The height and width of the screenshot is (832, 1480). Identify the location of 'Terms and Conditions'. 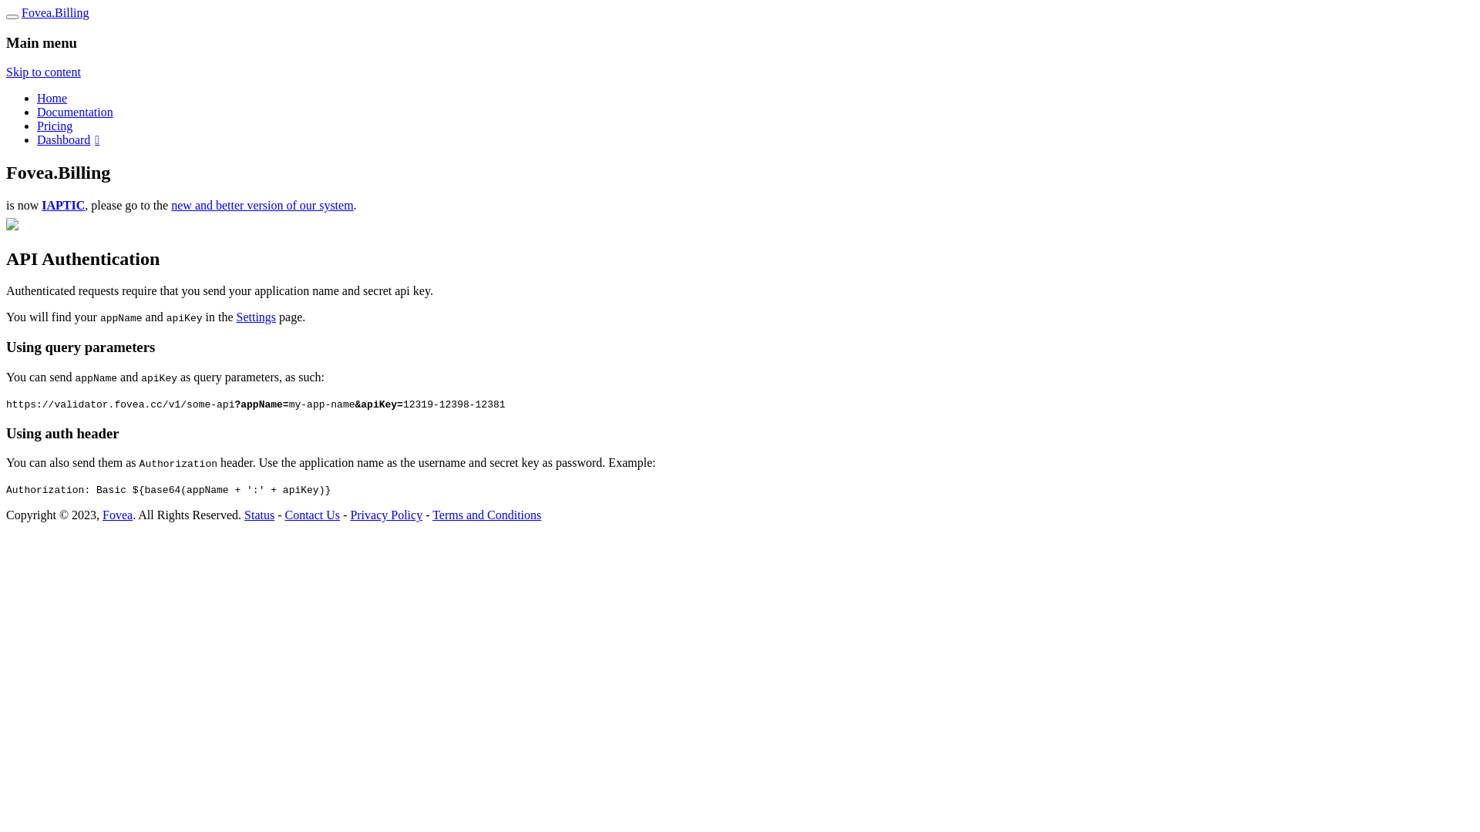
(486, 515).